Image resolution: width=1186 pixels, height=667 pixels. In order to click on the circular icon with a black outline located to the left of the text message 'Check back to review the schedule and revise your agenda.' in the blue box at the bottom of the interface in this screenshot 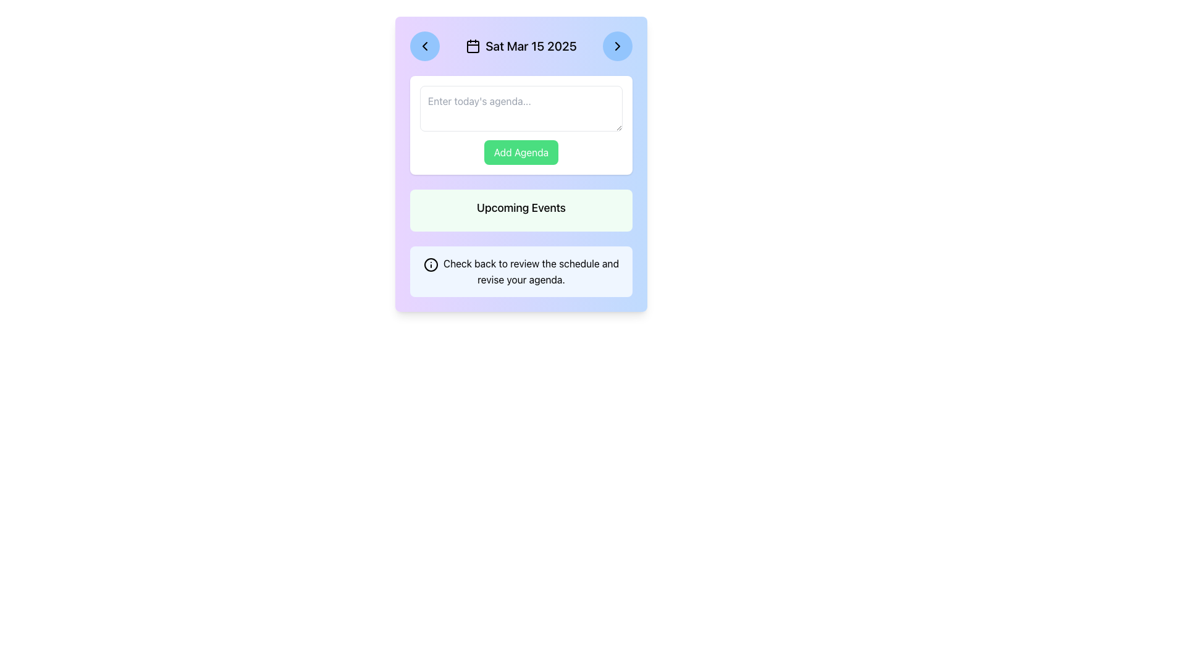, I will do `click(431, 264)`.